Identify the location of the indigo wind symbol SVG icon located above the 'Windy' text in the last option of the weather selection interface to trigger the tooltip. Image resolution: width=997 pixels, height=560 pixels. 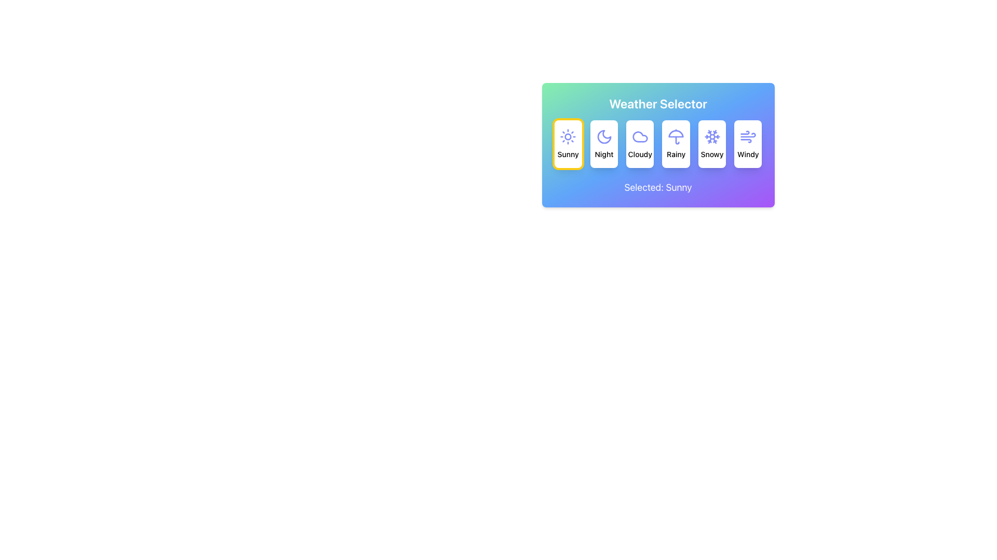
(748, 136).